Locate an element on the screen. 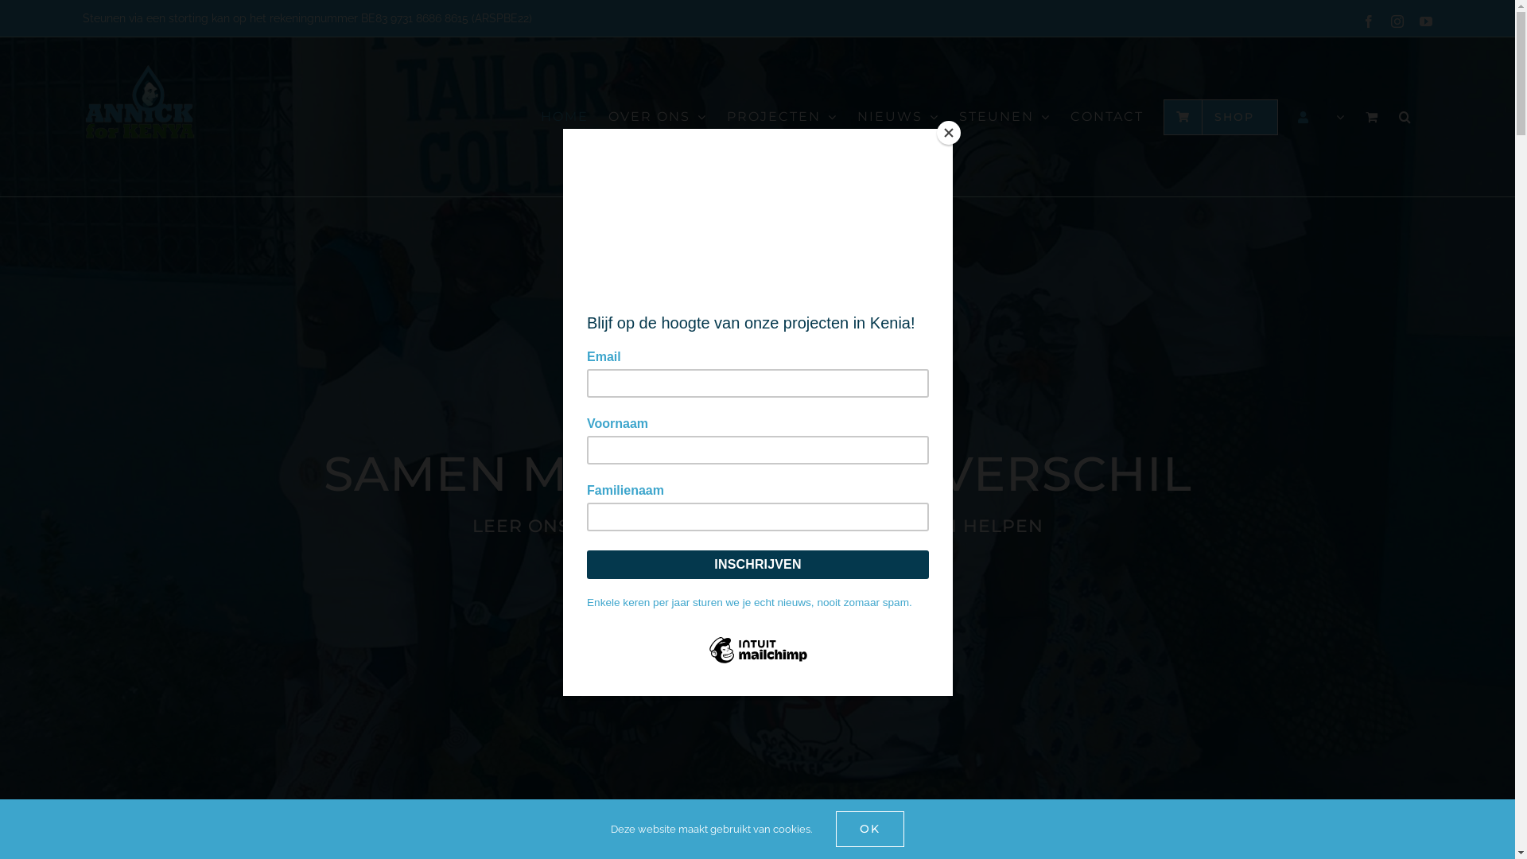  'Instagram' is located at coordinates (1396, 21).